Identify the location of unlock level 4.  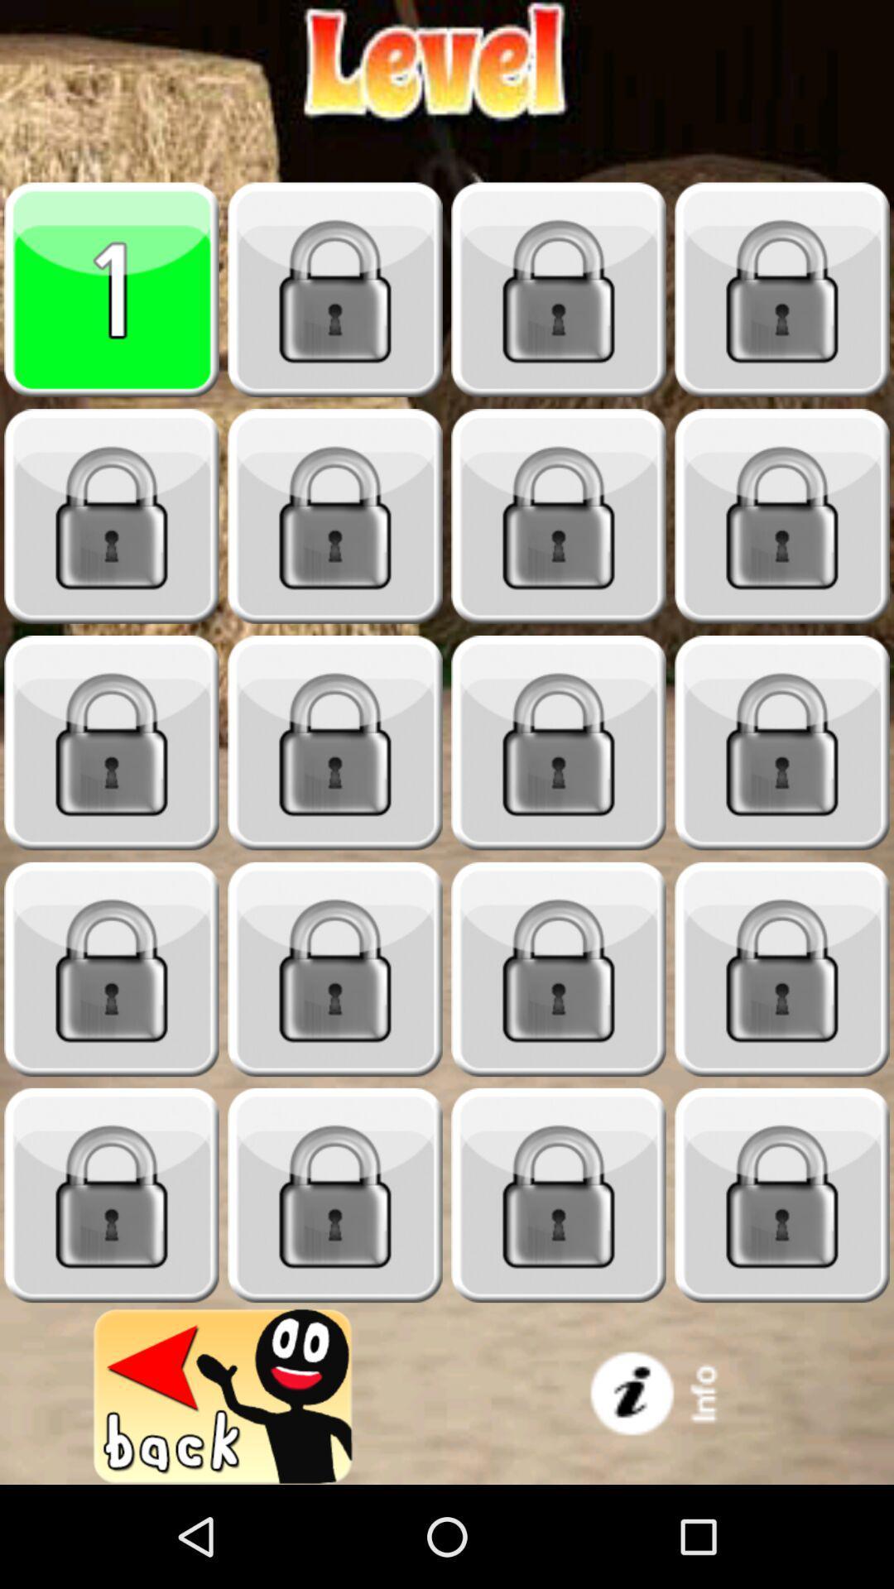
(782, 290).